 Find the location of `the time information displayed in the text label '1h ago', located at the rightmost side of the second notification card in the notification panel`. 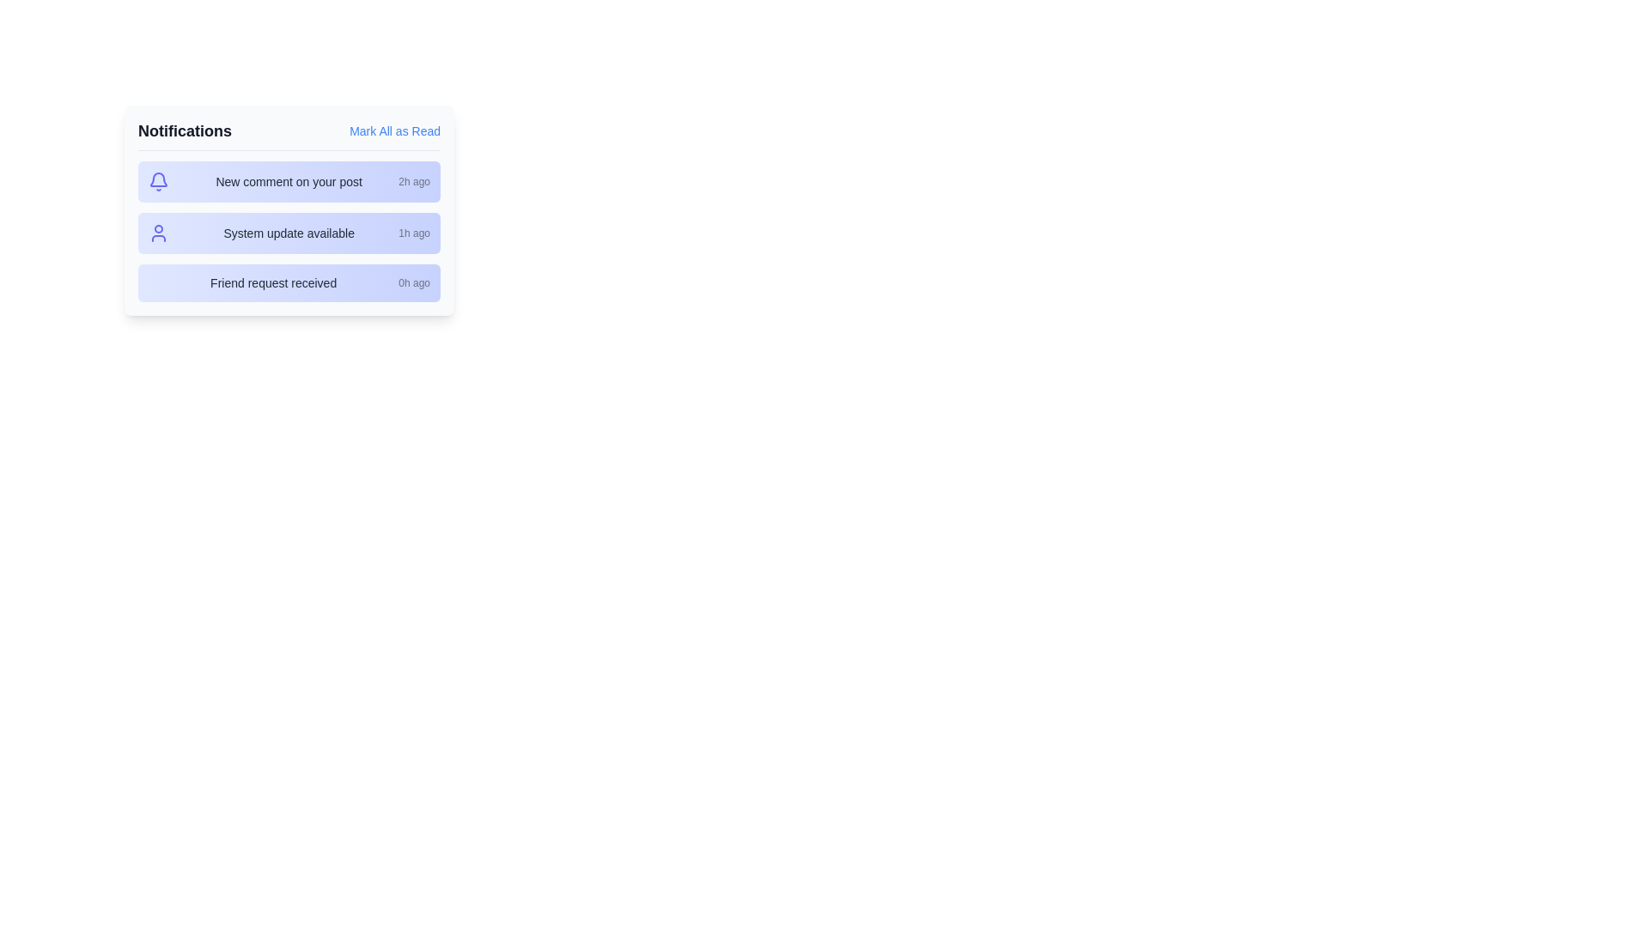

the time information displayed in the text label '1h ago', located at the rightmost side of the second notification card in the notification panel is located at coordinates (414, 233).